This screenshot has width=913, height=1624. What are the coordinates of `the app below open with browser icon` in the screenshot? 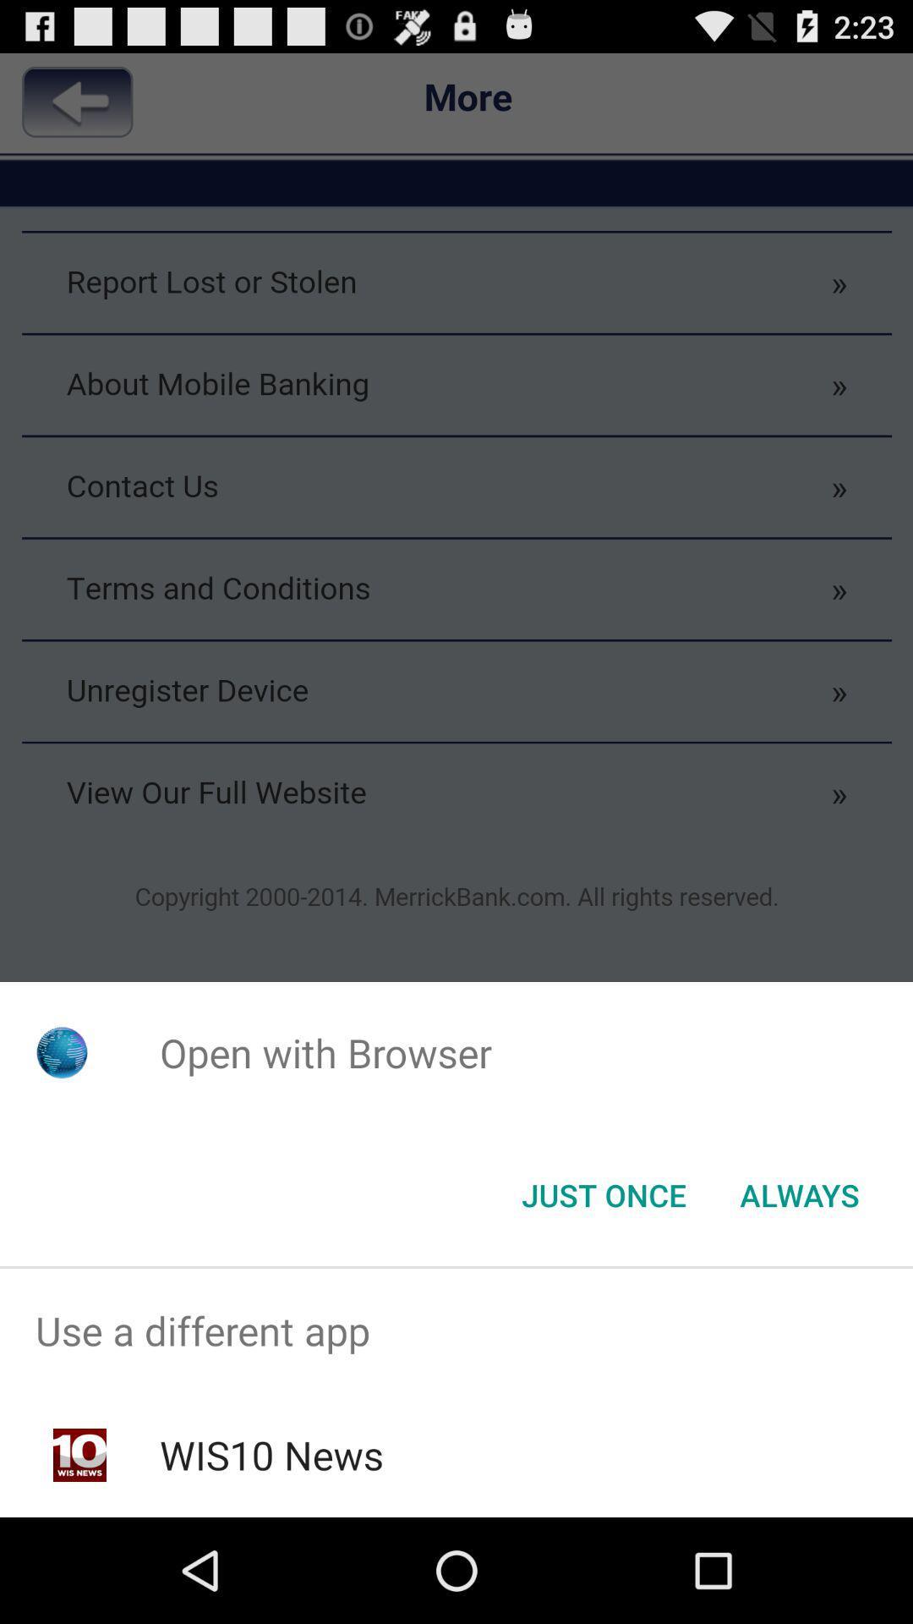 It's located at (603, 1193).